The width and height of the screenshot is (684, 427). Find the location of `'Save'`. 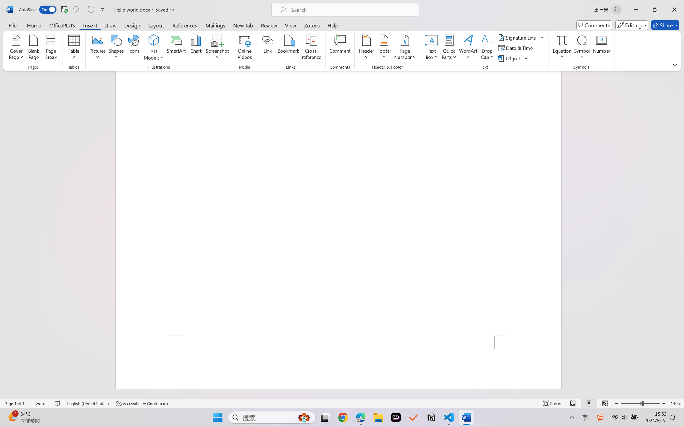

'Save' is located at coordinates (64, 9).